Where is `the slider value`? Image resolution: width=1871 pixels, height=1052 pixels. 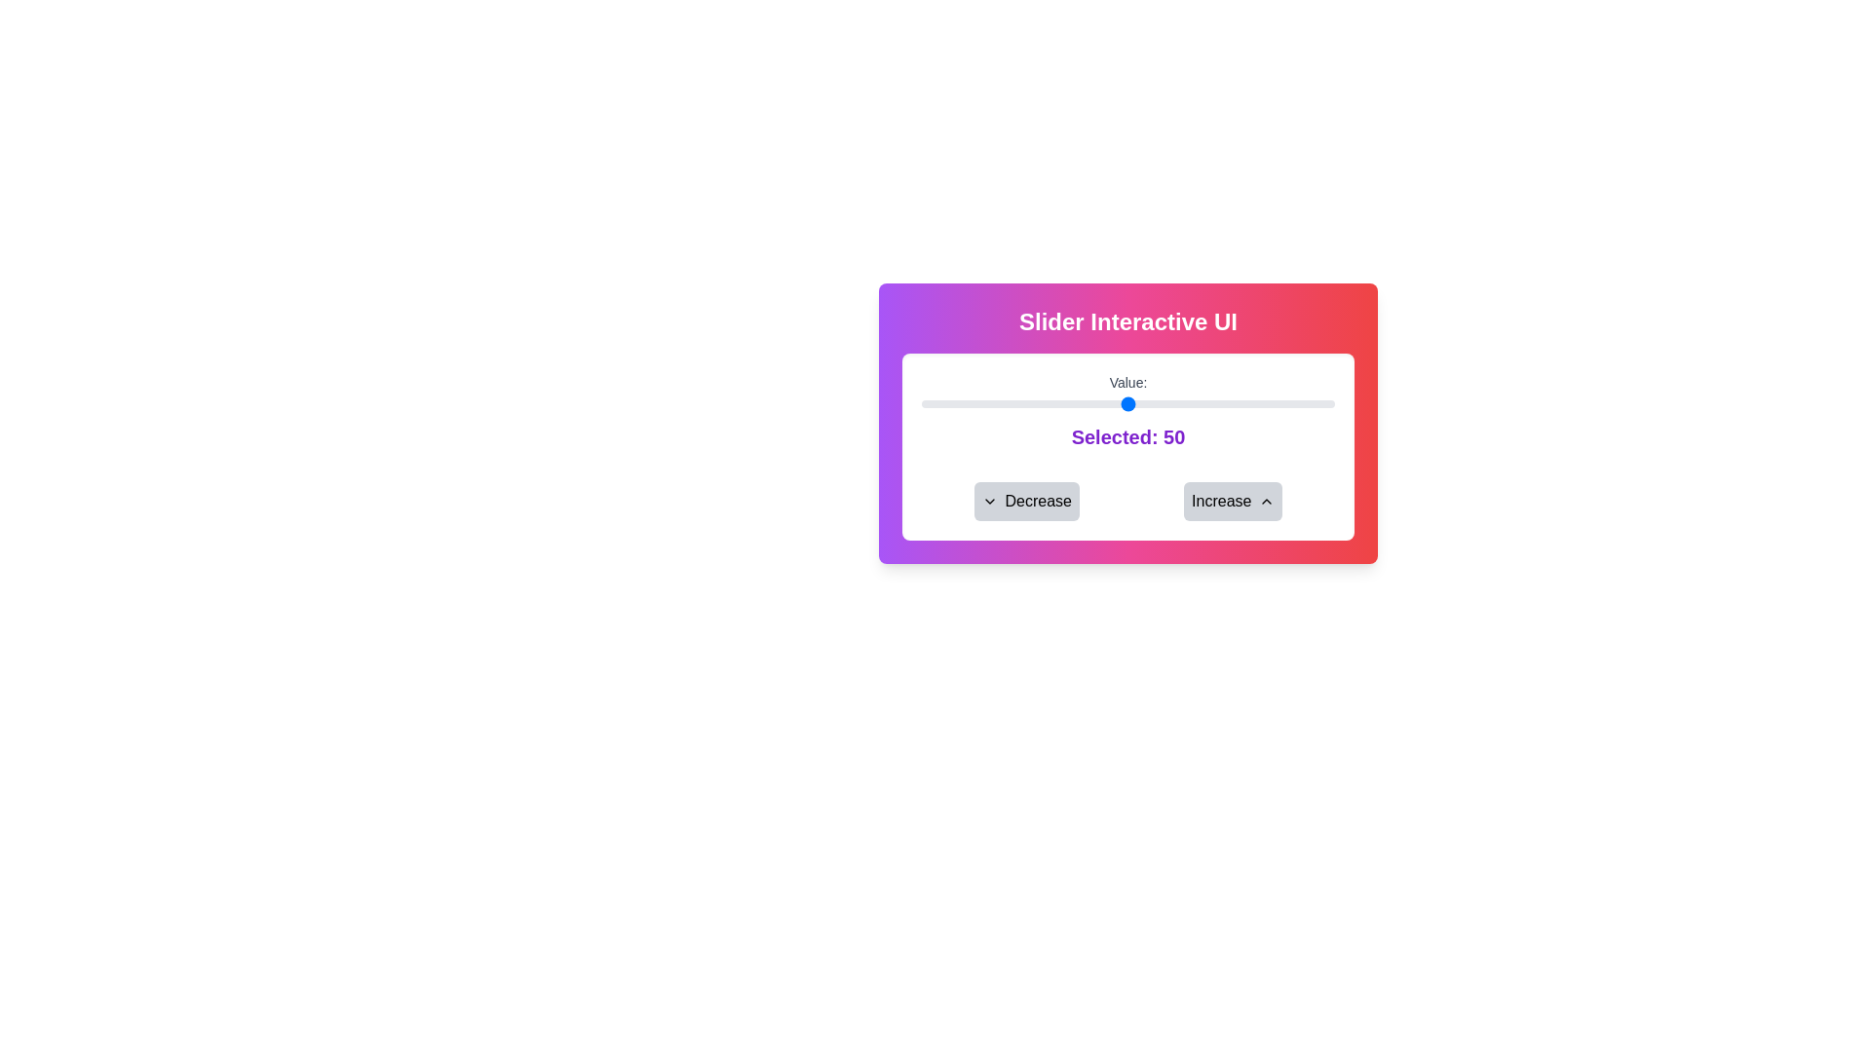 the slider value is located at coordinates (1222, 403).